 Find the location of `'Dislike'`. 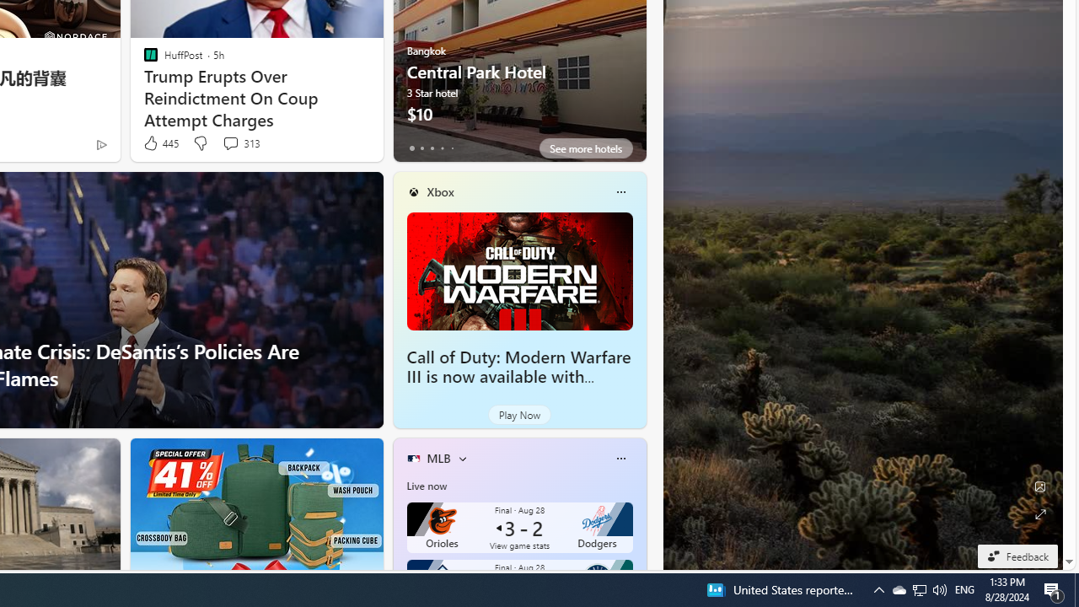

'Dislike' is located at coordinates (200, 142).